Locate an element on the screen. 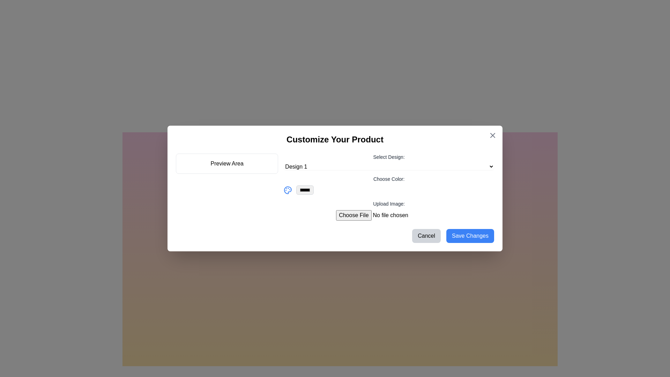 The width and height of the screenshot is (670, 377). the decorative icon located in the 'Choose Color' section of the 'Customize Your Product' modal, which is positioned directly to the left of the color selection box is located at coordinates (288, 190).